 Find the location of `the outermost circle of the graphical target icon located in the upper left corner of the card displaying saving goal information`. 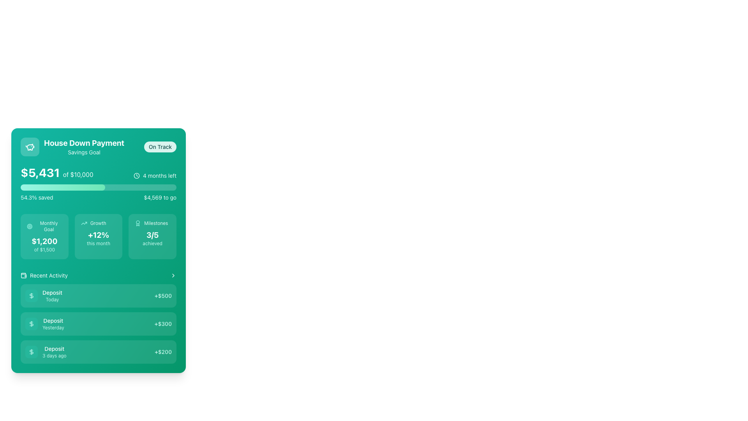

the outermost circle of the graphical target icon located in the upper left corner of the card displaying saving goal information is located at coordinates (30, 226).